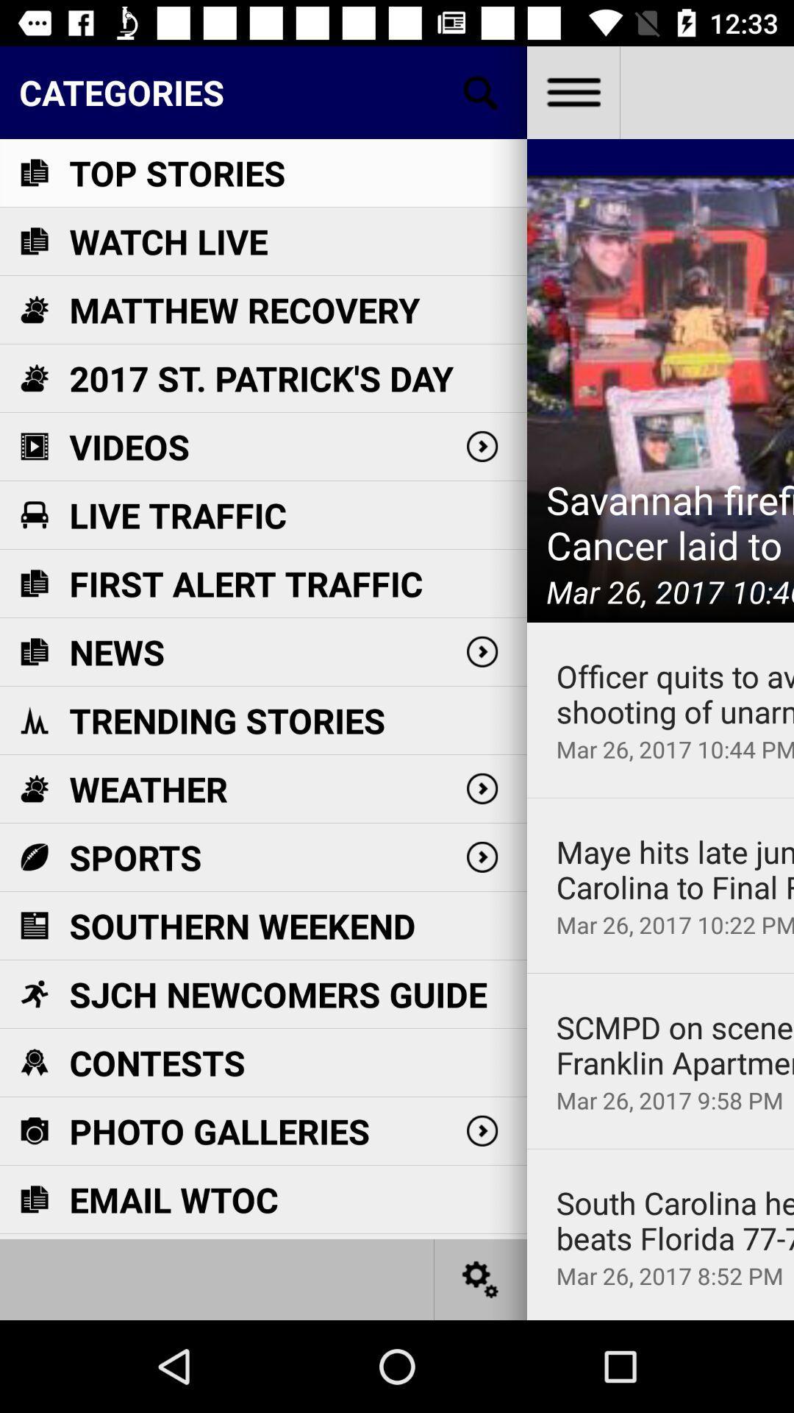 The image size is (794, 1413). I want to click on the menu icon, so click(572, 91).